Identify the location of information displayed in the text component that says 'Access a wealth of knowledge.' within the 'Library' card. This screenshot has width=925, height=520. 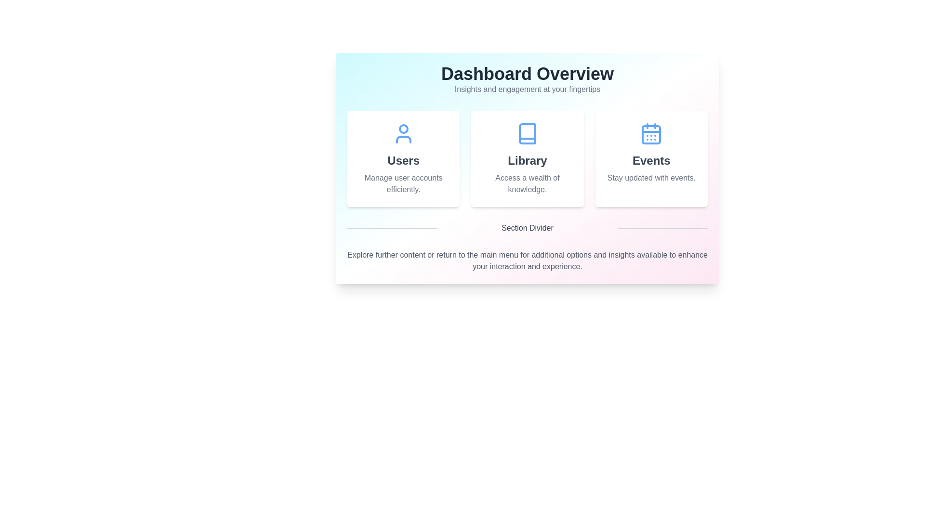
(527, 183).